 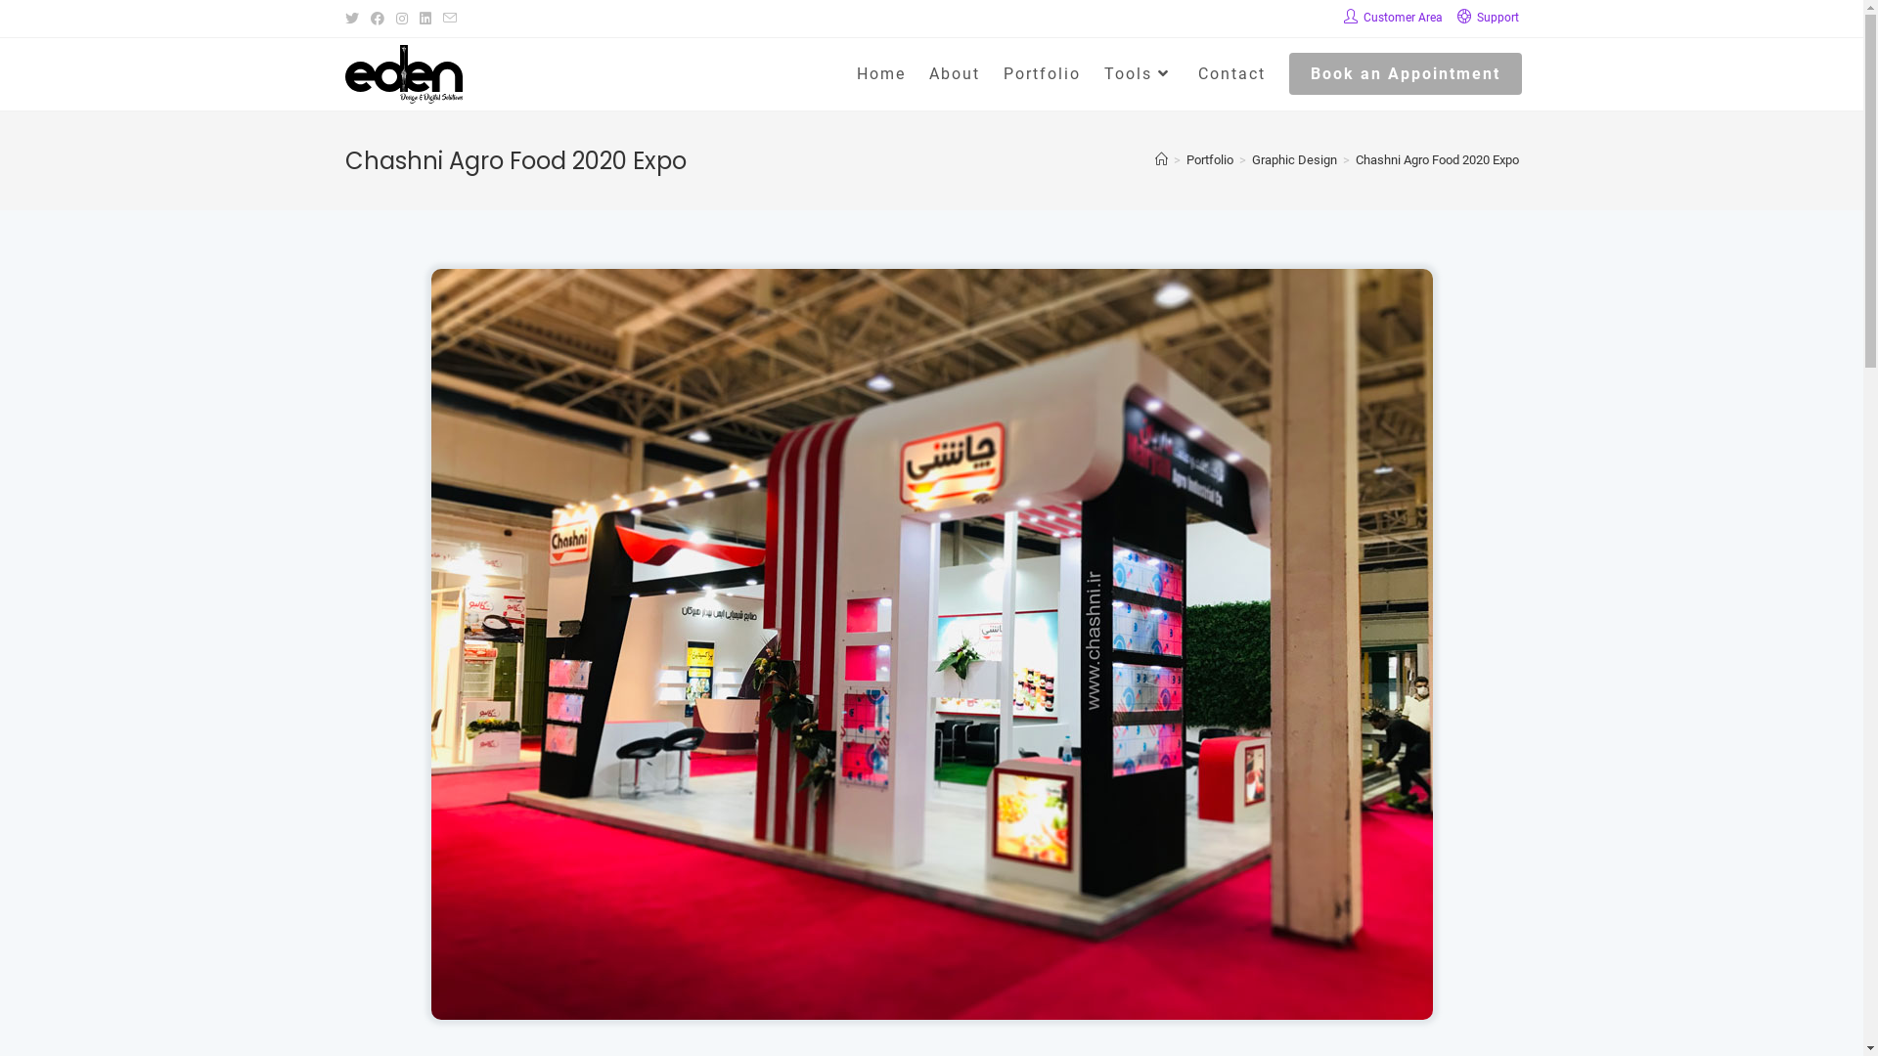 I want to click on 'ECommerce Design', so click(x=947, y=726).